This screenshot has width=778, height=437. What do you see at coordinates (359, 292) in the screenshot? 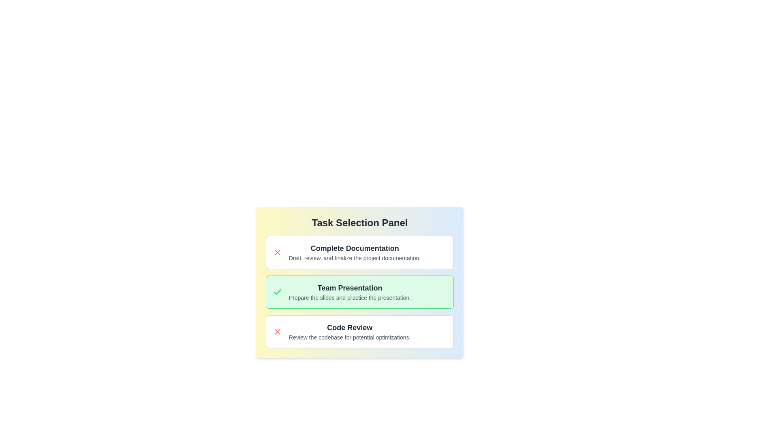
I see `the Informational panel with a green background that contains the text 'Team Presentation' and 'Prepare the slides and practice the presentation'` at bounding box center [359, 292].